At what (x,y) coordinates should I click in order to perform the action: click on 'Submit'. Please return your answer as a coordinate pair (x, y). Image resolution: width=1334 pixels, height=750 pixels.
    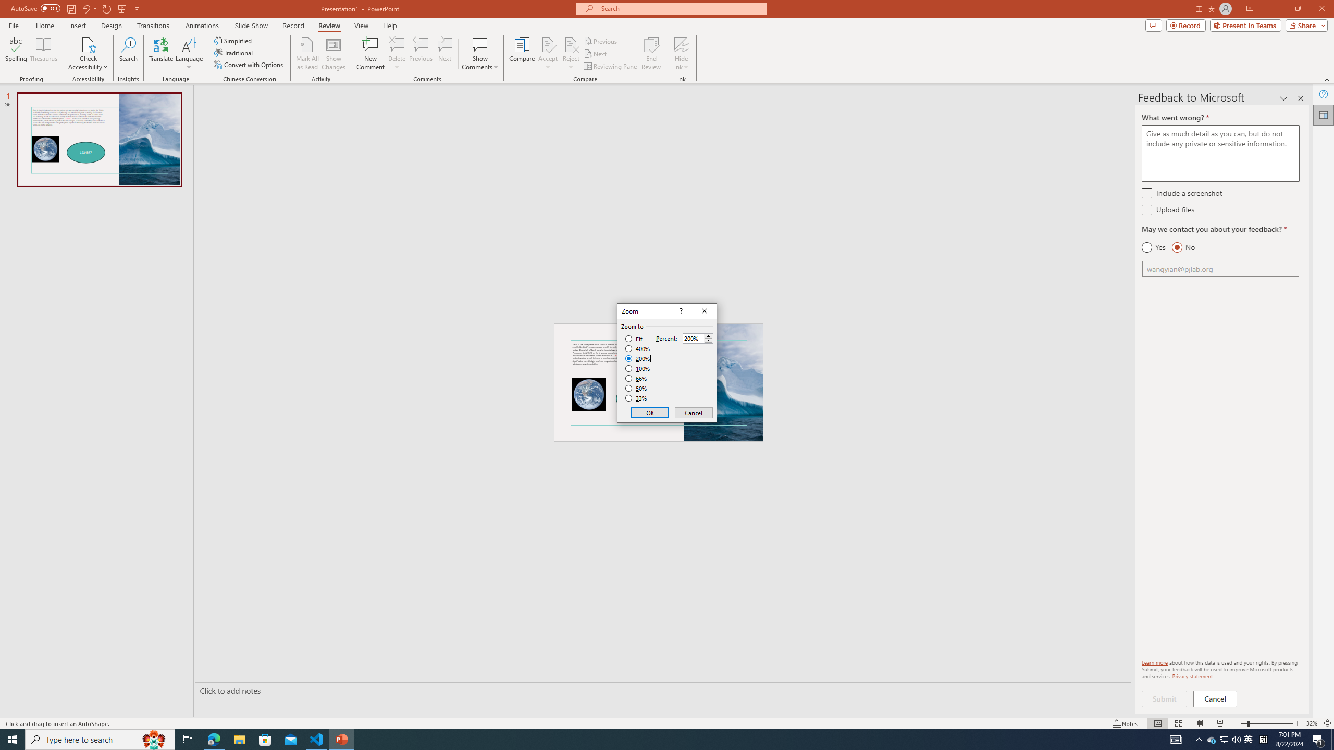
    Looking at the image, I should click on (1164, 698).